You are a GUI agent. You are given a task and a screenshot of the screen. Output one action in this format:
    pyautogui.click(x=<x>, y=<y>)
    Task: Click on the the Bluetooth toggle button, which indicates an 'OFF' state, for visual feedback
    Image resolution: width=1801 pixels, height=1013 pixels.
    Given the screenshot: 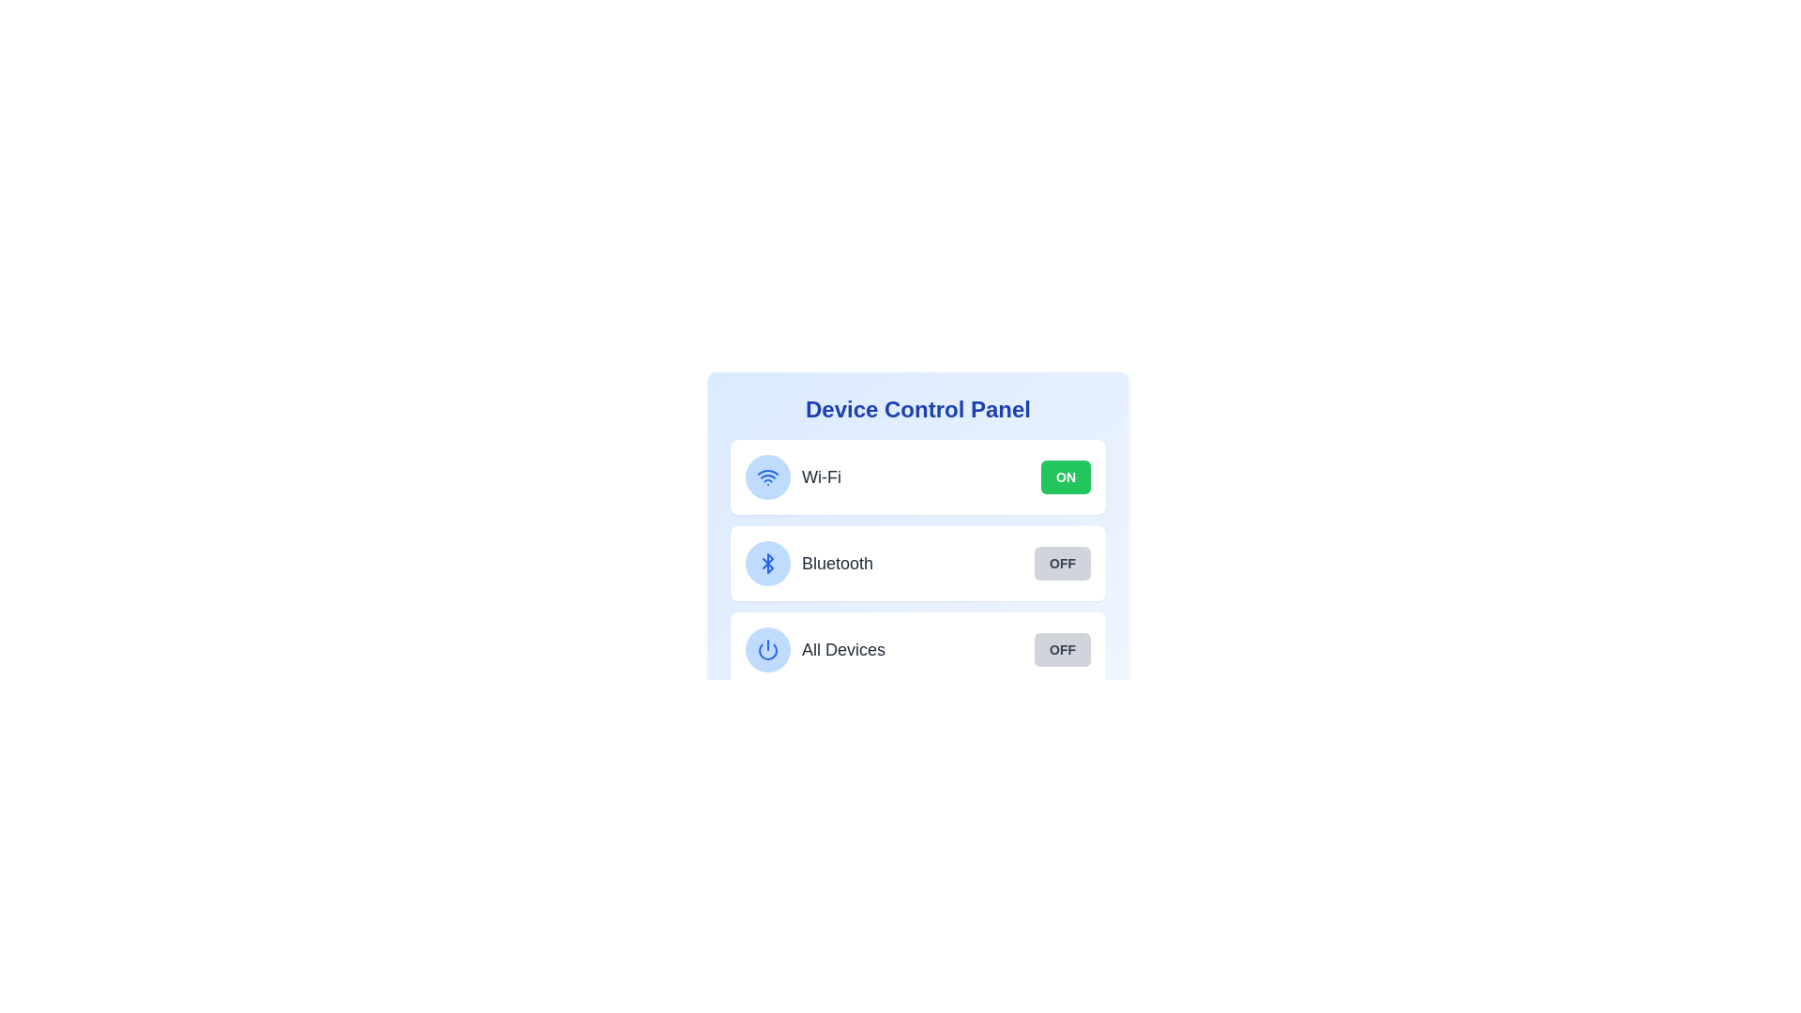 What is the action you would take?
    pyautogui.click(x=1062, y=563)
    